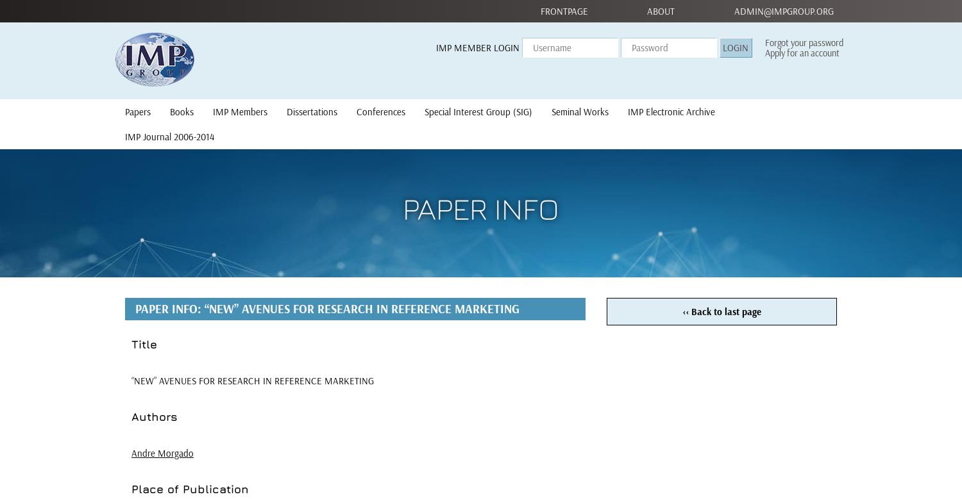  Describe the element at coordinates (131, 416) in the screenshot. I see `'Authors'` at that location.